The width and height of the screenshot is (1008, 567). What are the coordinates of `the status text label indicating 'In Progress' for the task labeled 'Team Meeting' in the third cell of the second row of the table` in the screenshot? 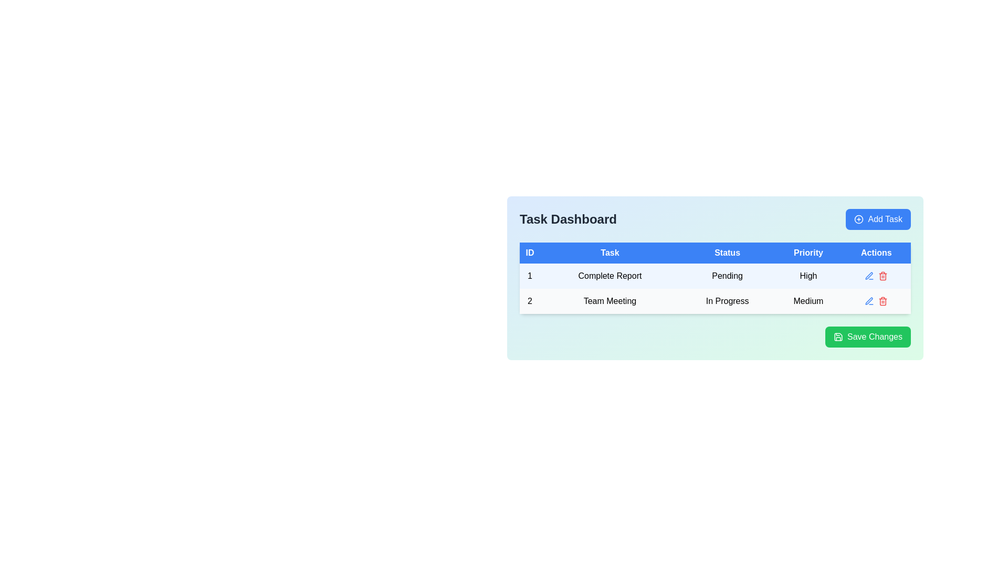 It's located at (727, 301).